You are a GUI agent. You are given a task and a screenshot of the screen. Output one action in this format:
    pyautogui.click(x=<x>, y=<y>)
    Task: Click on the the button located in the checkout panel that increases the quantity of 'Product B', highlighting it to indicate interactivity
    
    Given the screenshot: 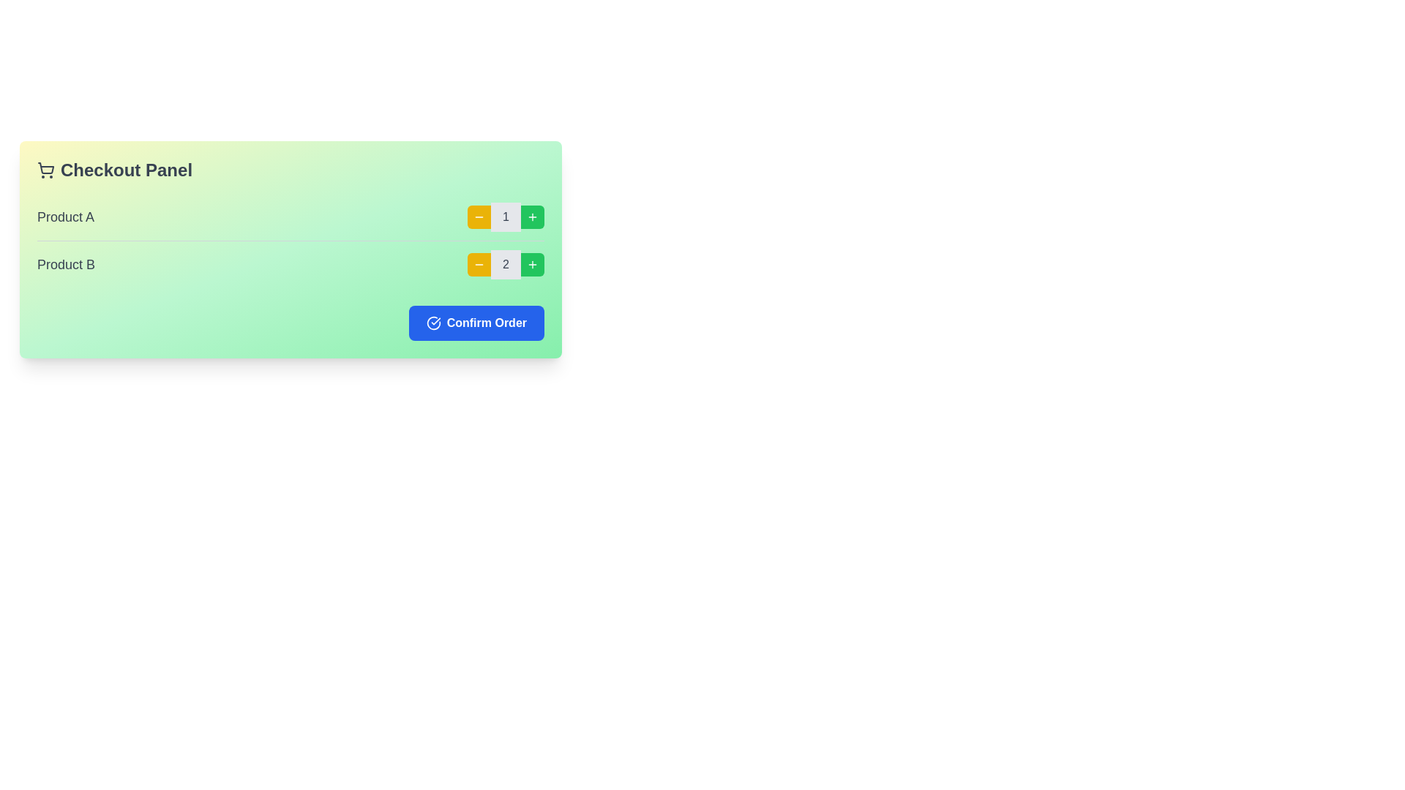 What is the action you would take?
    pyautogui.click(x=532, y=265)
    